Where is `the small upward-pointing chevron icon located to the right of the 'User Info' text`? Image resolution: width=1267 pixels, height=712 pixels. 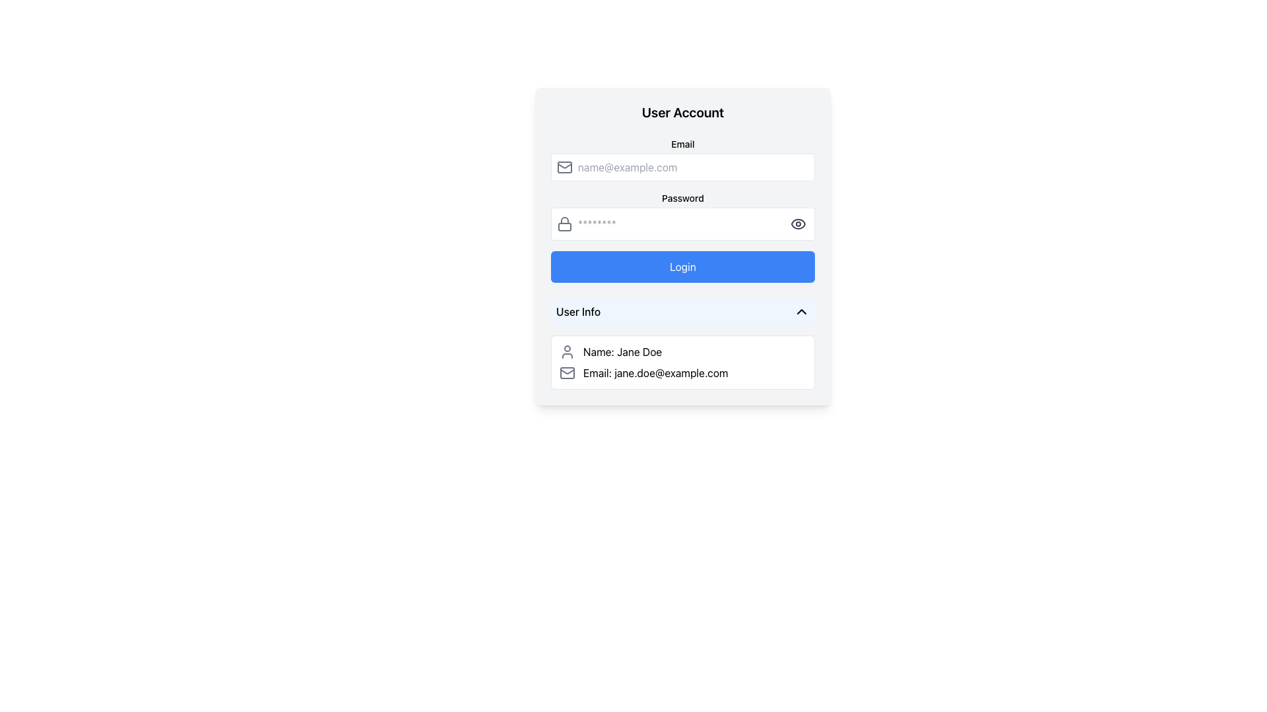
the small upward-pointing chevron icon located to the right of the 'User Info' text is located at coordinates (800, 312).